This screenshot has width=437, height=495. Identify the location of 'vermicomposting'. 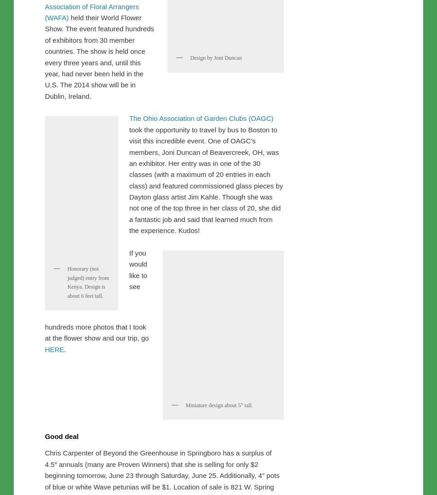
(97, 17).